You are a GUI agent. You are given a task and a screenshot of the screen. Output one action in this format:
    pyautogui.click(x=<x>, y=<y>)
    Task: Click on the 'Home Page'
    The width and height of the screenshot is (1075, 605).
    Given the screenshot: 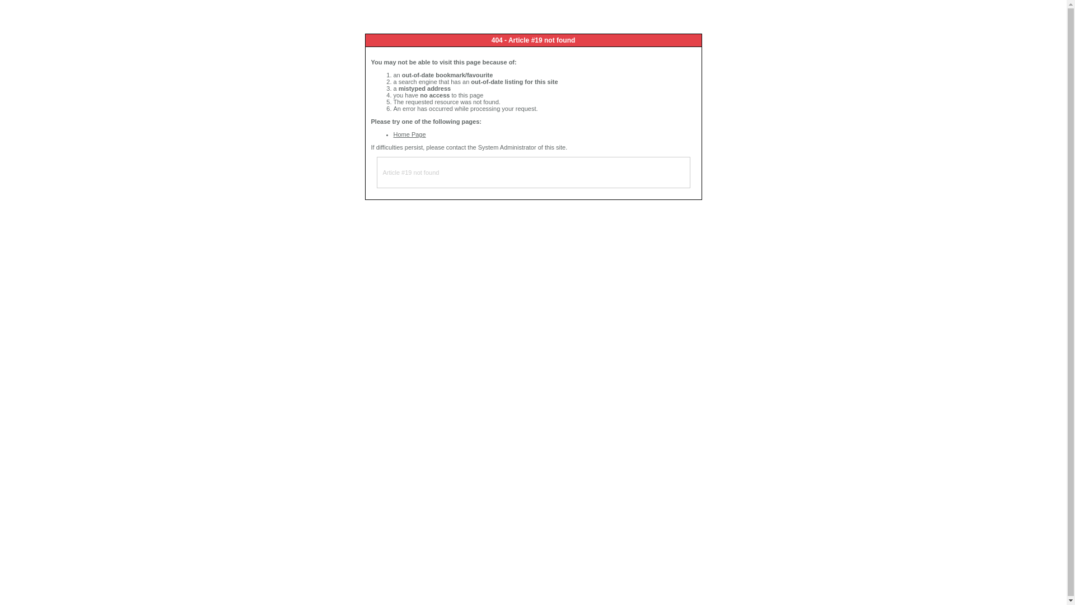 What is the action you would take?
    pyautogui.click(x=408, y=133)
    